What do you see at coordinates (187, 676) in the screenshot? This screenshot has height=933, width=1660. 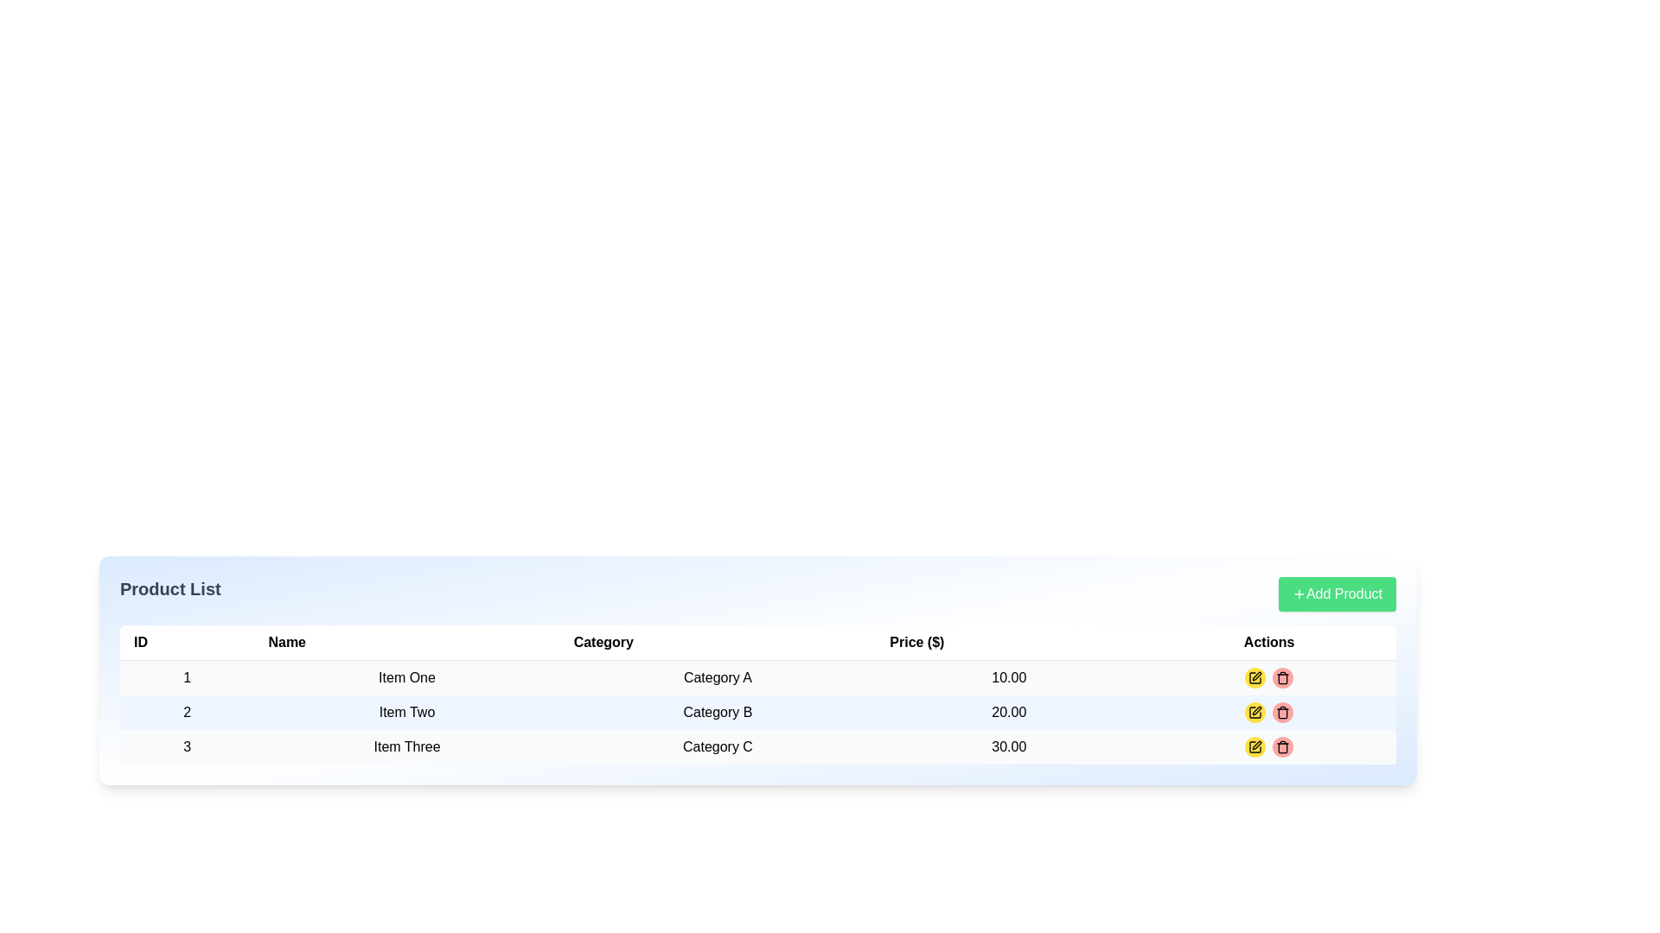 I see `the text element displaying '1' in the 'ID' column of the table, aligned with the row labeled 'Item One'` at bounding box center [187, 676].